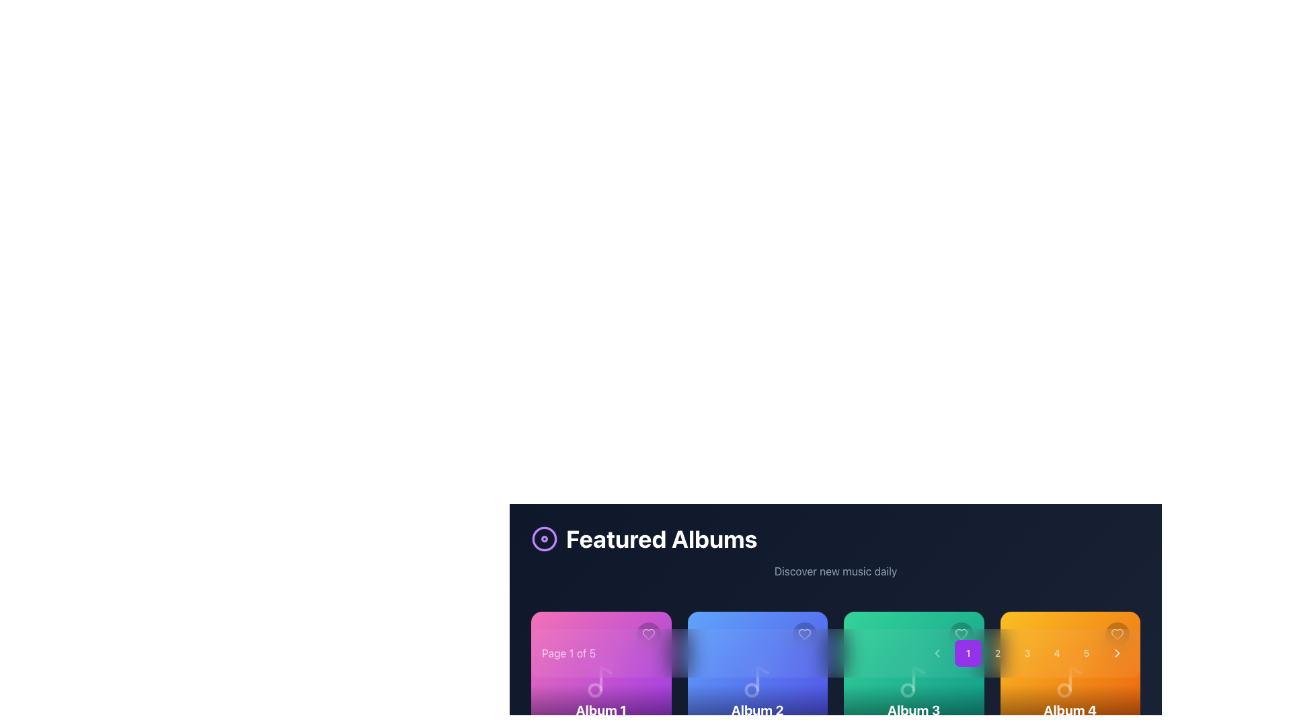 This screenshot has width=1291, height=726. I want to click on the vertical straight line styled as a musical note's stem located on the purple background of the 'Album 1' card in the bottom-left corner, so click(605, 678).